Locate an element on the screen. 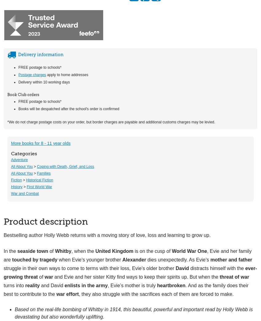 The height and width of the screenshot is (321, 261). 'seaside town' is located at coordinates (32, 251).